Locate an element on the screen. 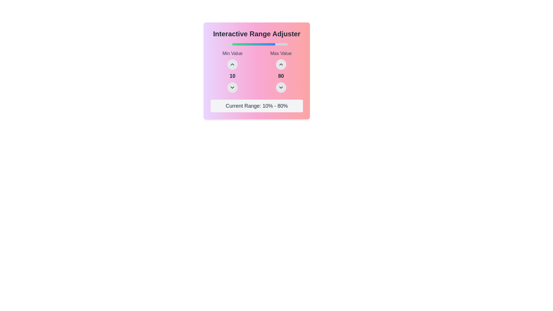 Image resolution: width=553 pixels, height=311 pixels. the button located in the Max Value column, which is positioned above the numeric value '80' and below the label 'Max Value', to increment the associated value is located at coordinates (281, 64).